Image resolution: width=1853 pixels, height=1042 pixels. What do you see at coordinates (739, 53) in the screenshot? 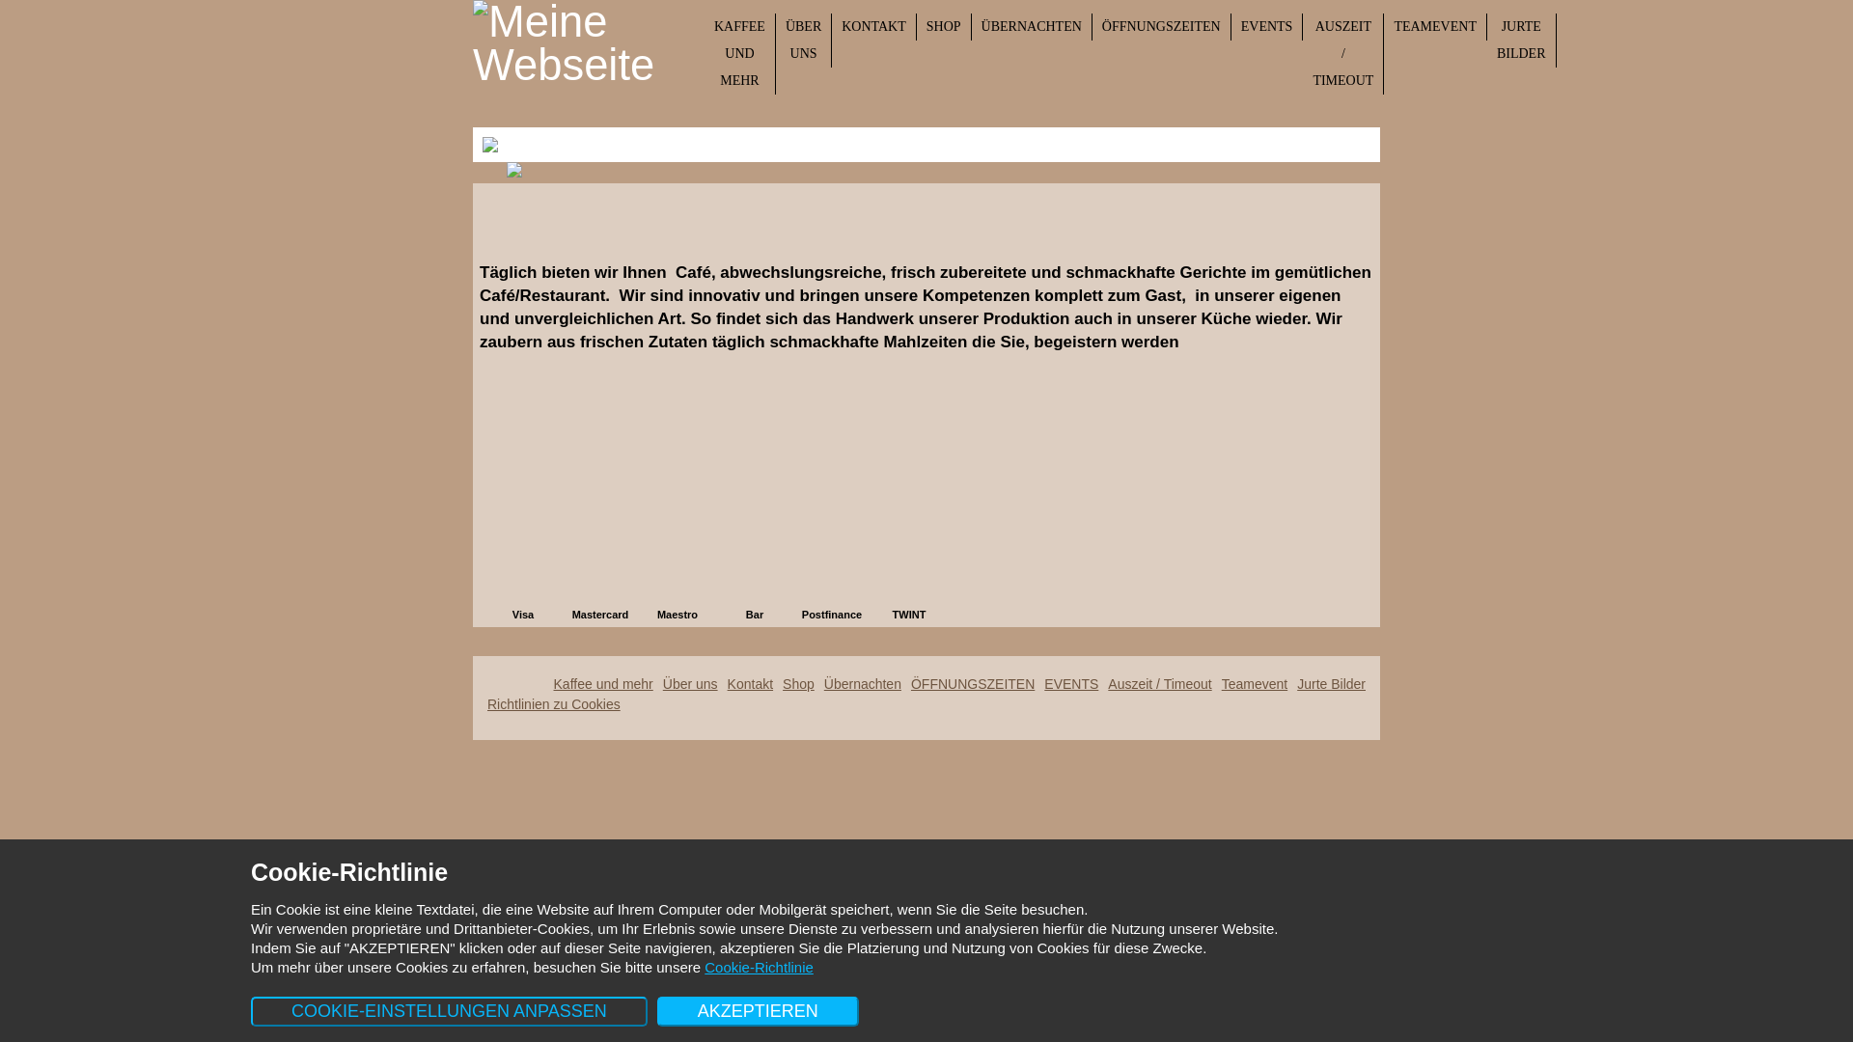
I see `'KAFFEE UND MEHR'` at bounding box center [739, 53].